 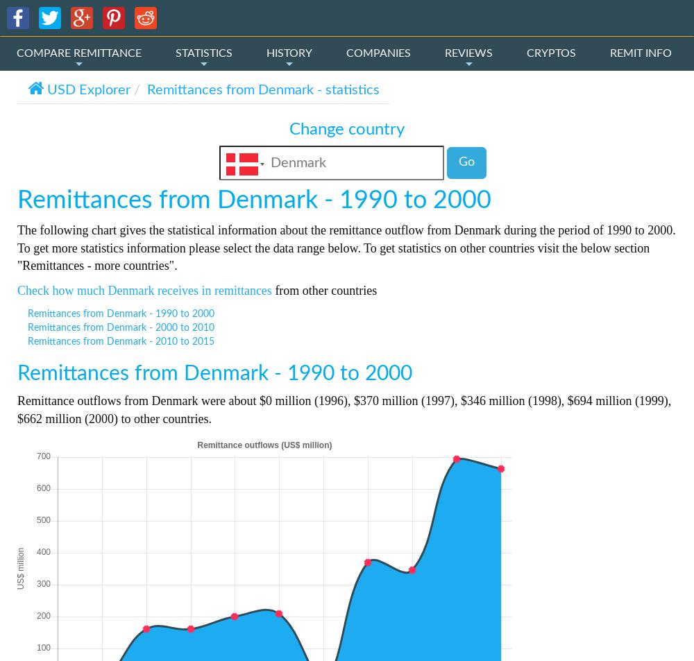 I want to click on 'CRYPTOS', so click(x=551, y=53).